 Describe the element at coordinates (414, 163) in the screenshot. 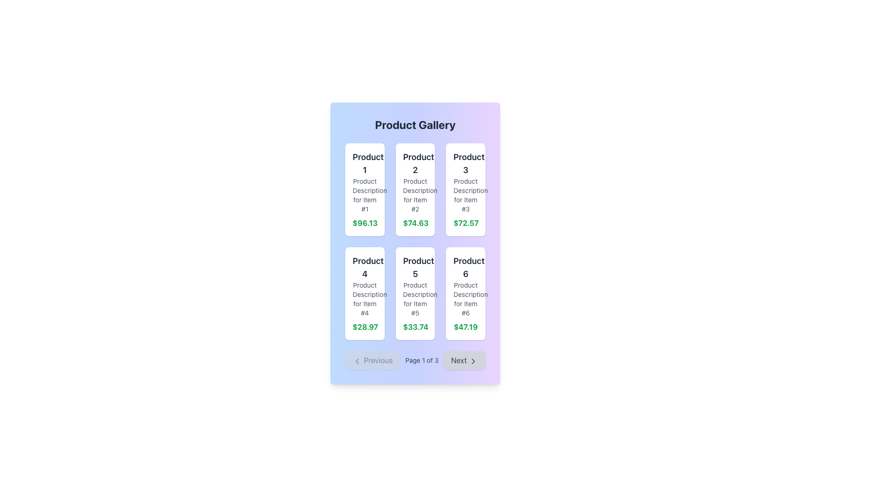

I see `the text label reading 'Product 2', which is styled with a large, bold font and dark gray color, located at the top-middle section of its product card` at that location.